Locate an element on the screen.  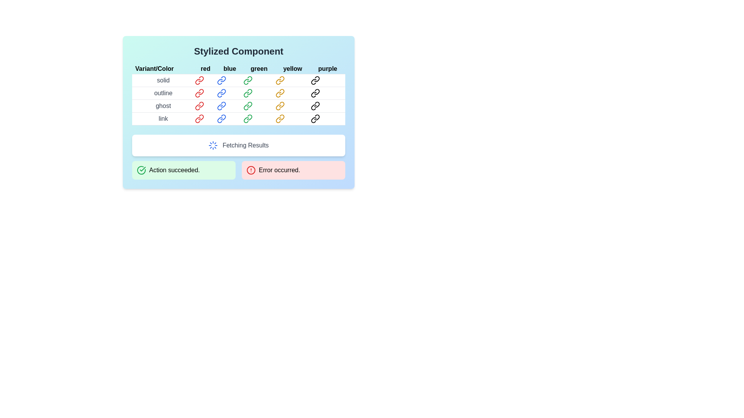
the non-interactive label for the 'purple' color column, which is the last item in a horizontal list of color names is located at coordinates (327, 69).